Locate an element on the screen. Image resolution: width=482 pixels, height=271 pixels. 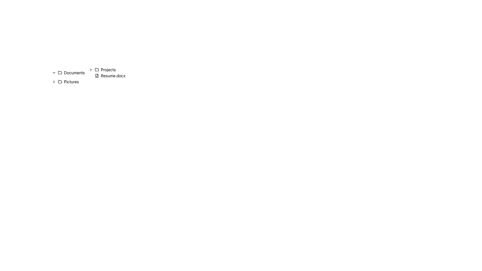
the file icon located immediately to the left of the text 'Resume.docx' within the 'Projects' list is located at coordinates (97, 76).